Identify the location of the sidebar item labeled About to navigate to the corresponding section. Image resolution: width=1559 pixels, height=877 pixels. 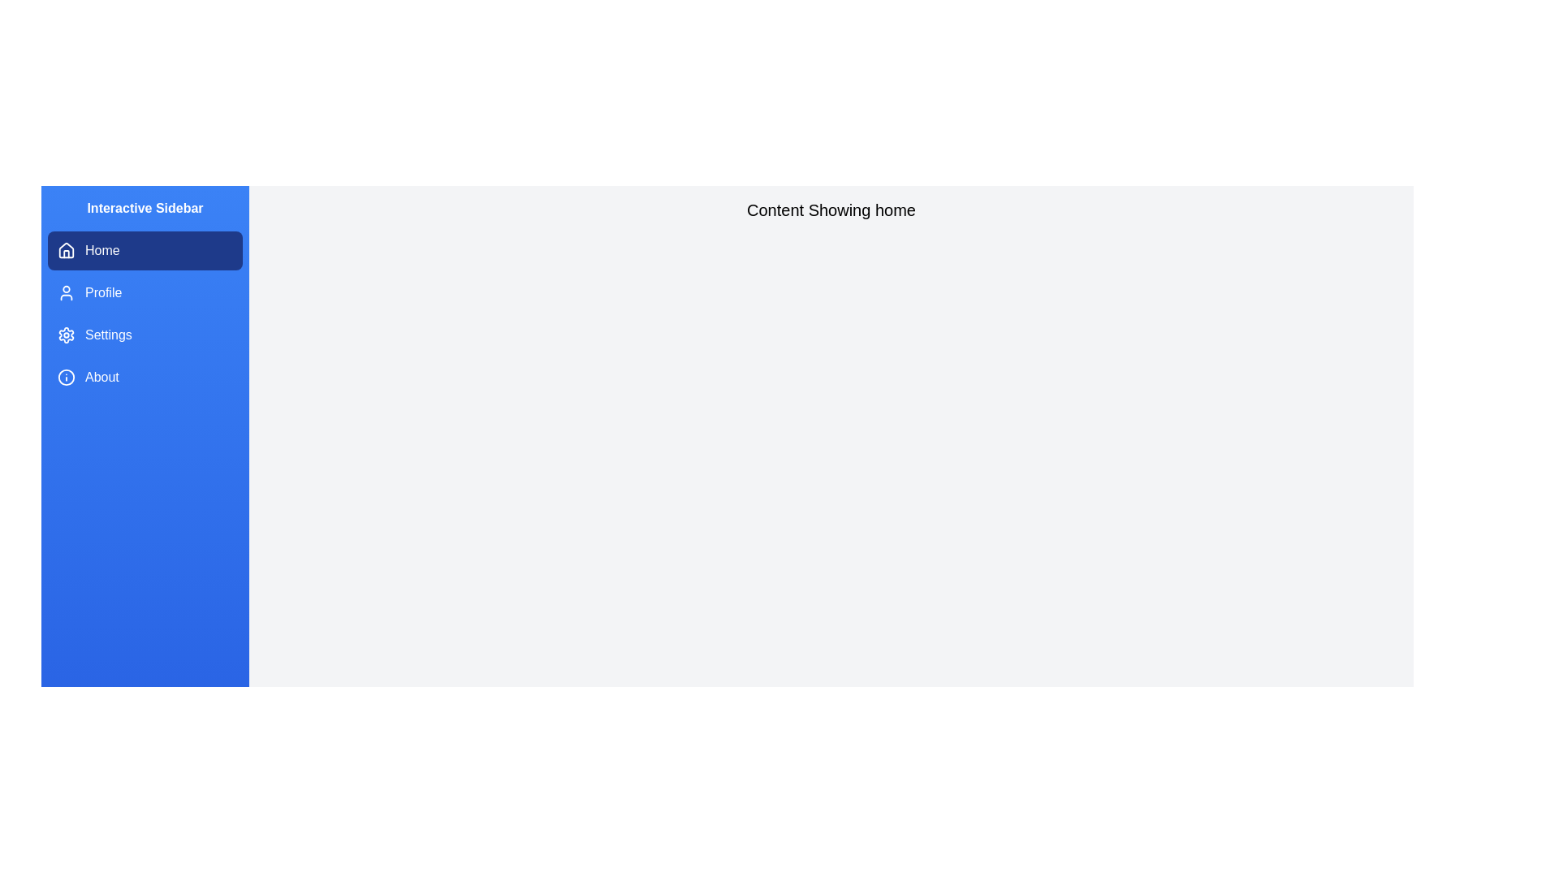
(145, 378).